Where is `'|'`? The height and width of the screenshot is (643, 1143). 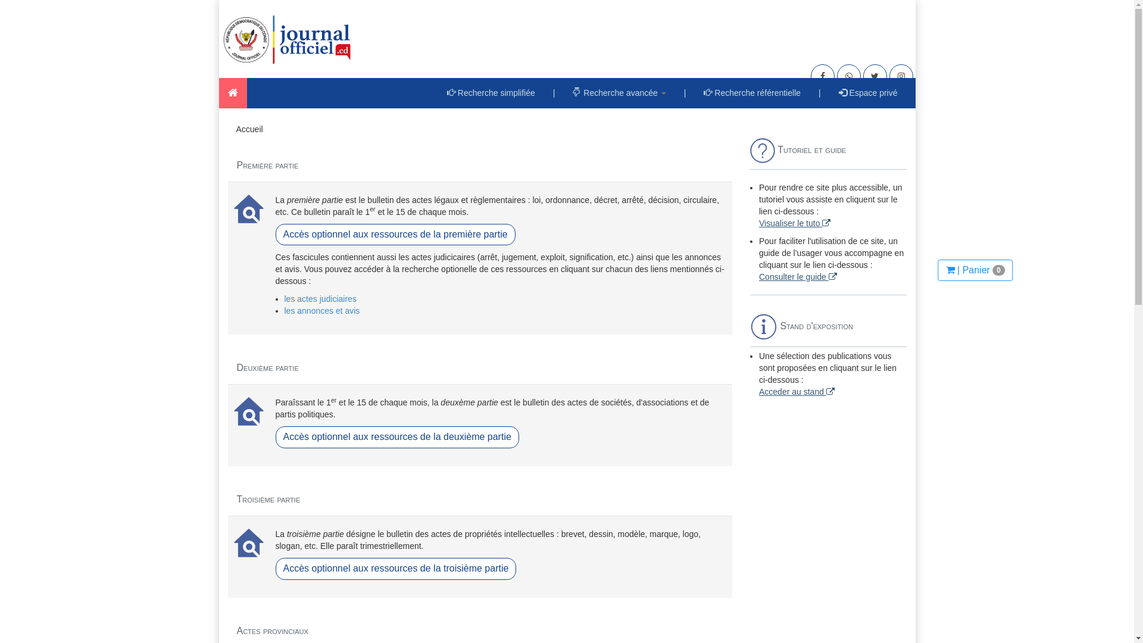
'|' is located at coordinates (554, 92).